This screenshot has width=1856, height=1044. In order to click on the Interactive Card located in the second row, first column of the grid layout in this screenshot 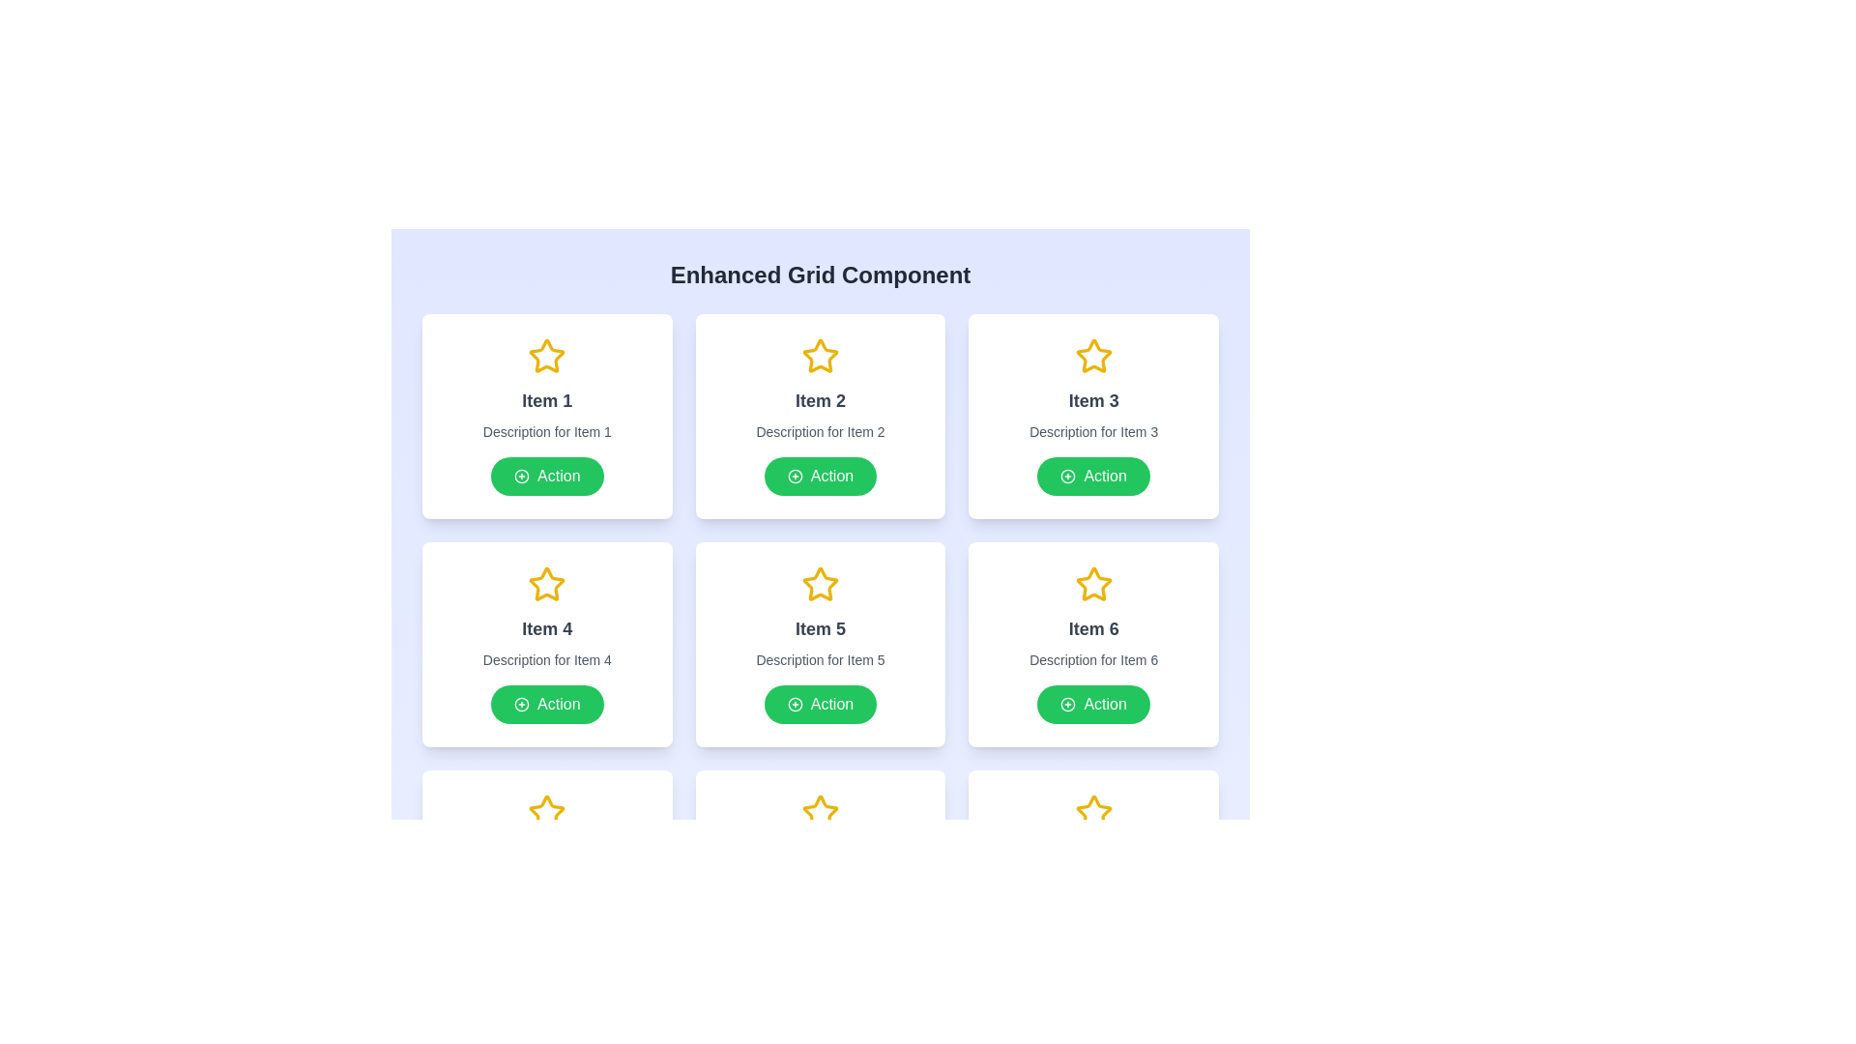, I will do `click(546, 645)`.